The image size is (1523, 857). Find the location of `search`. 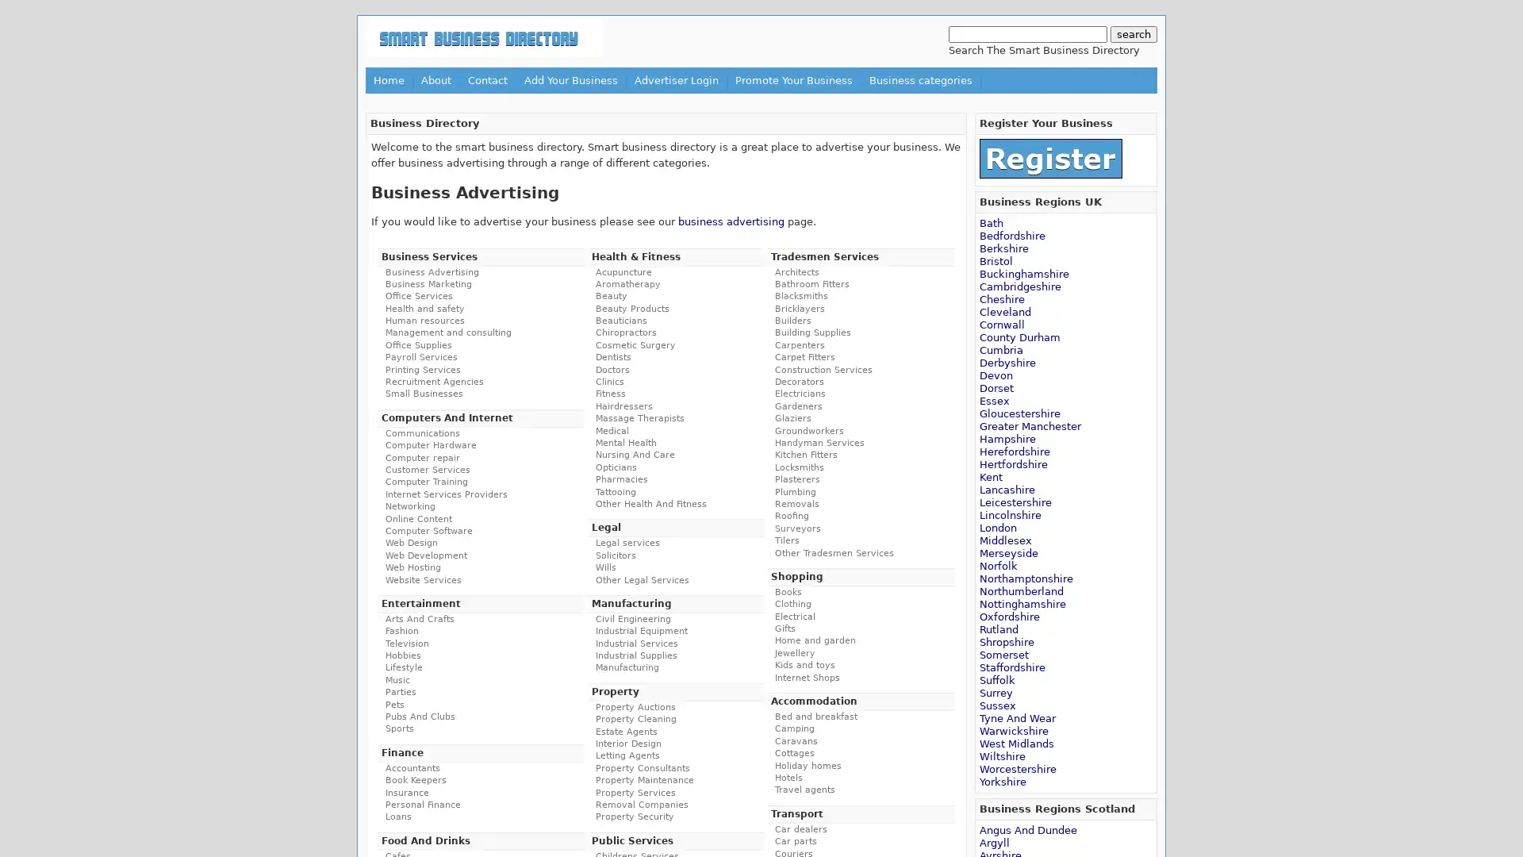

search is located at coordinates (1133, 34).